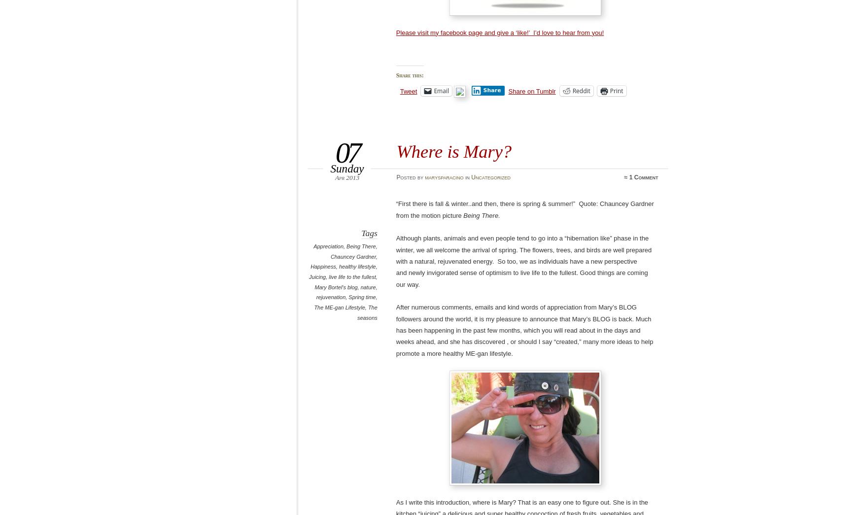 Image resolution: width=862 pixels, height=515 pixels. I want to click on 'The seasons', so click(367, 312).